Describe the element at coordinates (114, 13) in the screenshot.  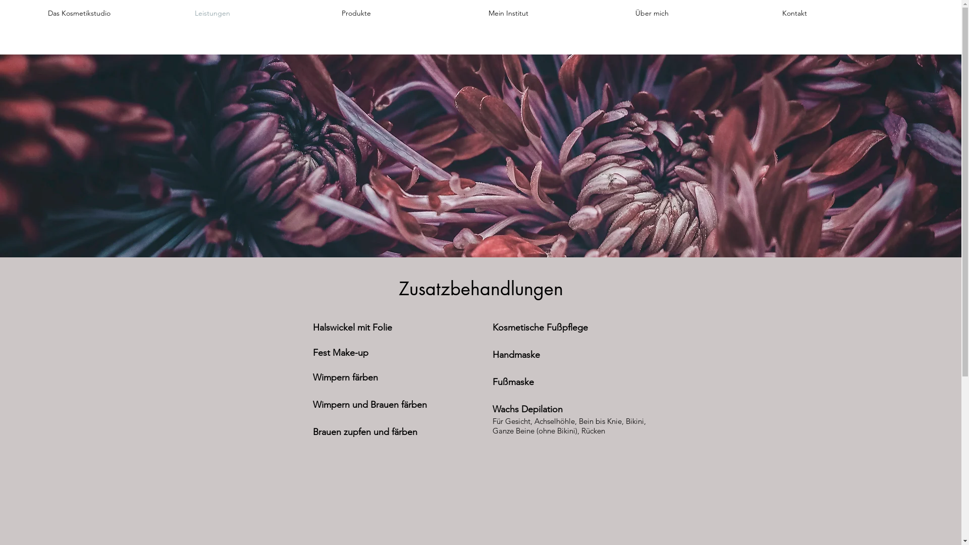
I see `'Das Kosmetikstudio'` at that location.